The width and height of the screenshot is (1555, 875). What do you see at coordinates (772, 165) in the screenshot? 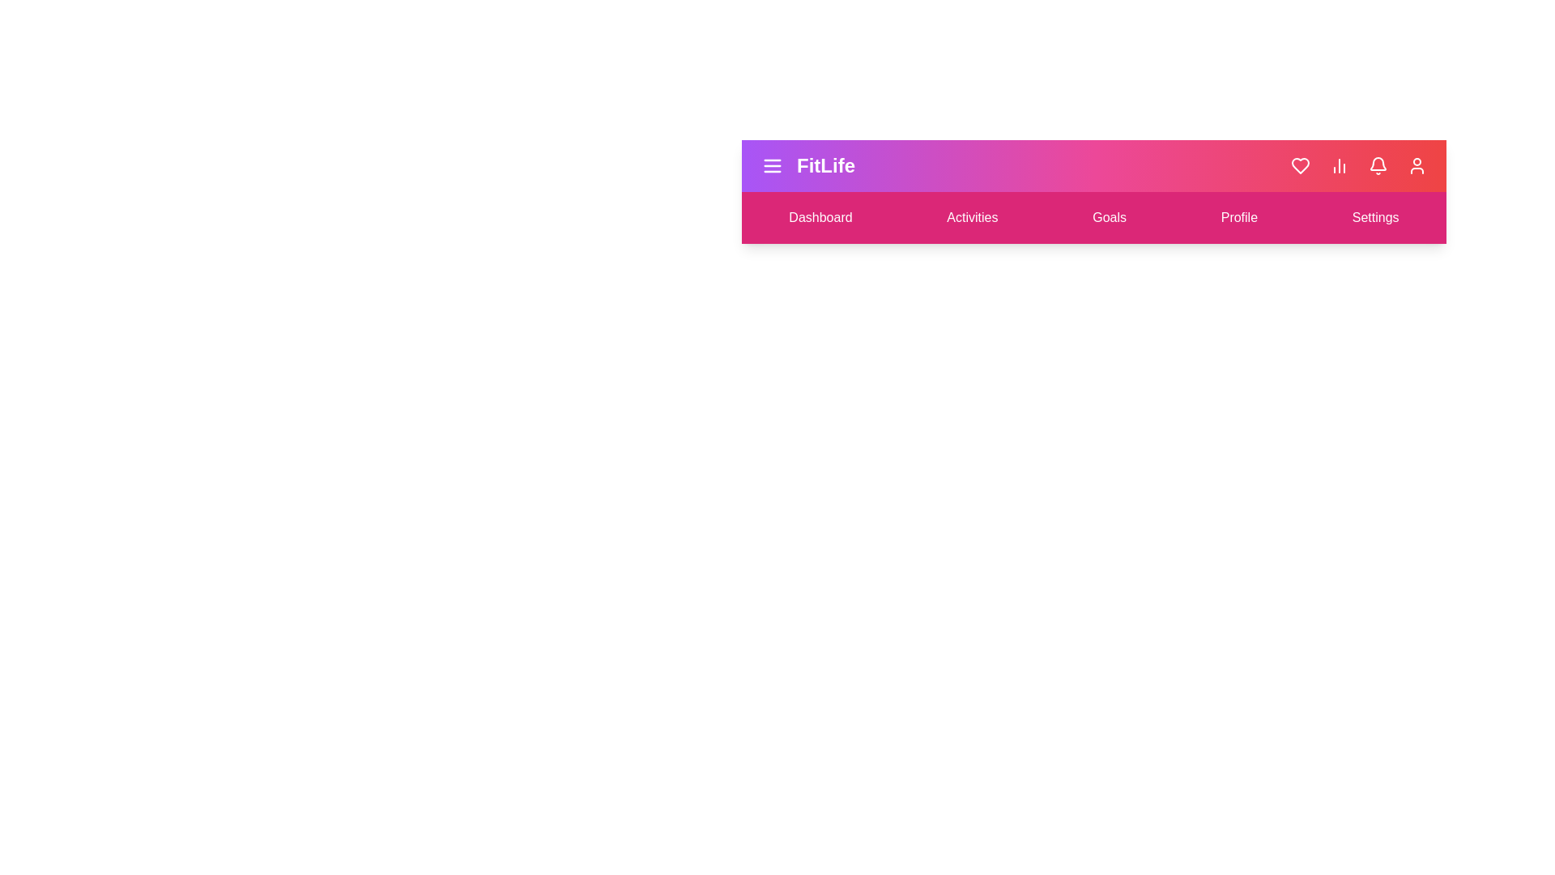
I see `the menu icon to toggle the menu visibility` at bounding box center [772, 165].